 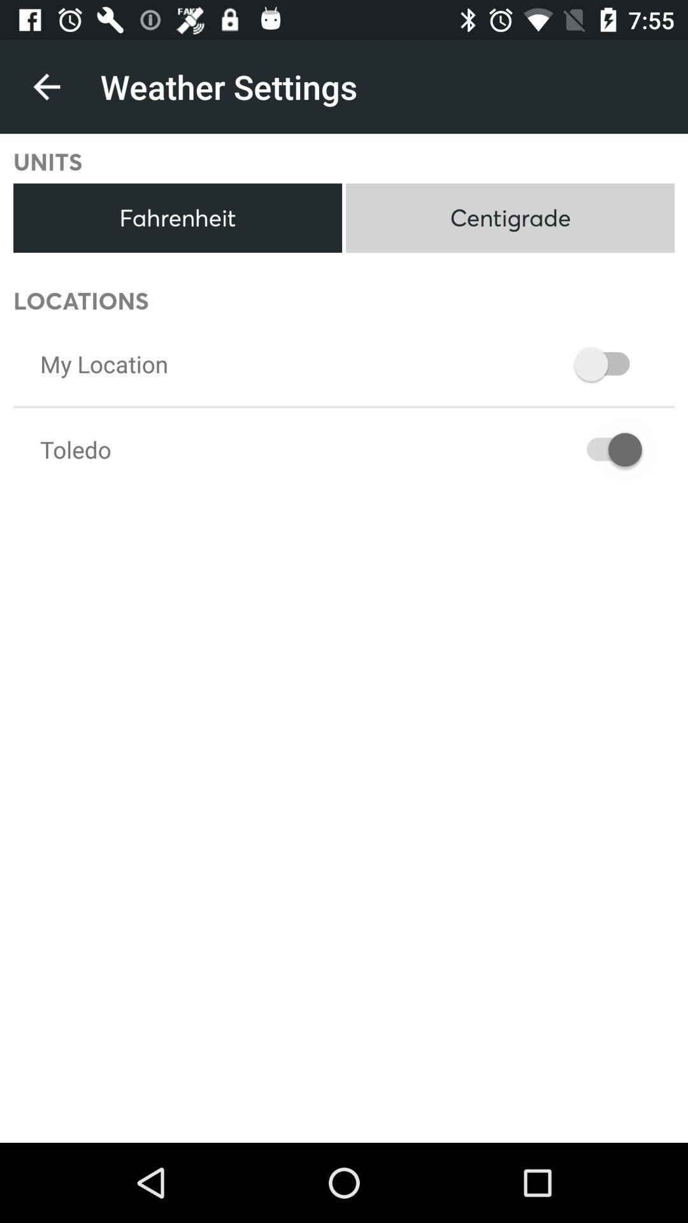 I want to click on the item below weather settings, so click(x=510, y=218).